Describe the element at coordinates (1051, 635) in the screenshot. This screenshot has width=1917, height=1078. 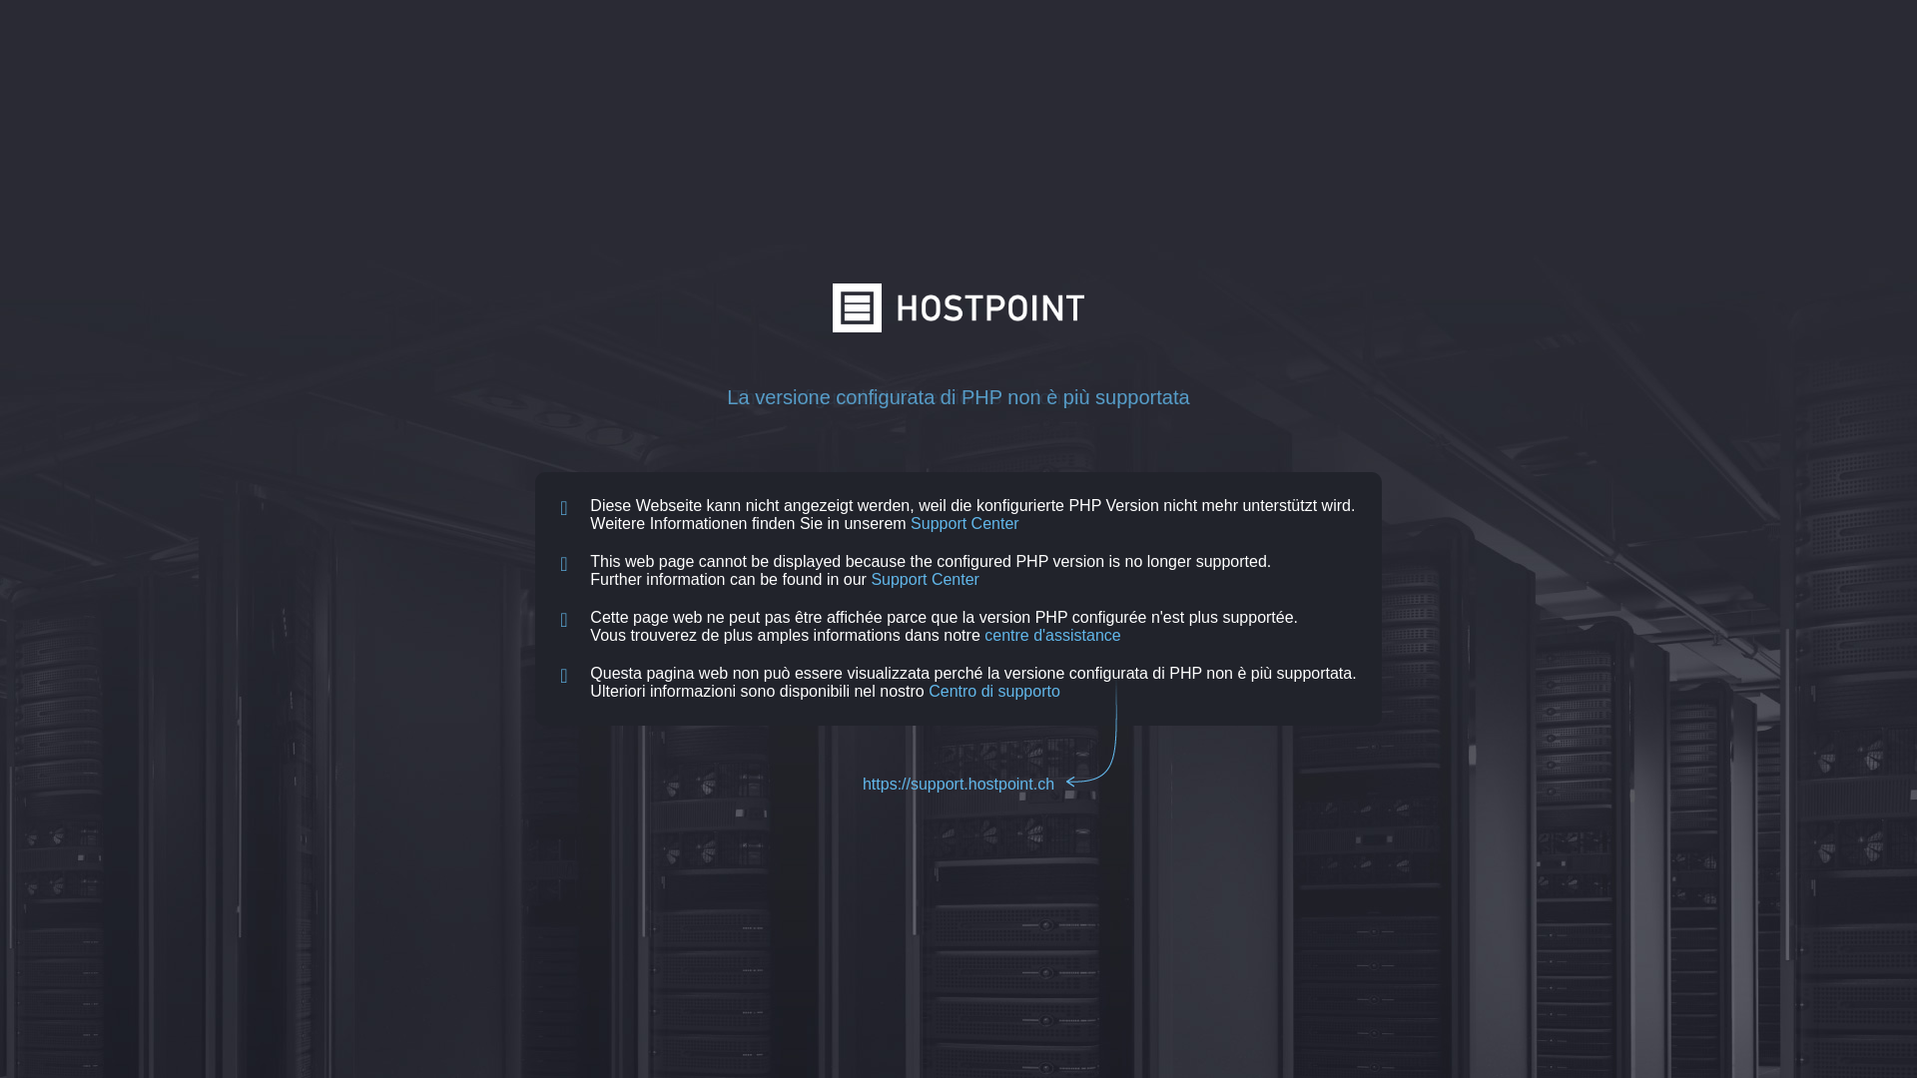
I see `'centre d'assistance'` at that location.